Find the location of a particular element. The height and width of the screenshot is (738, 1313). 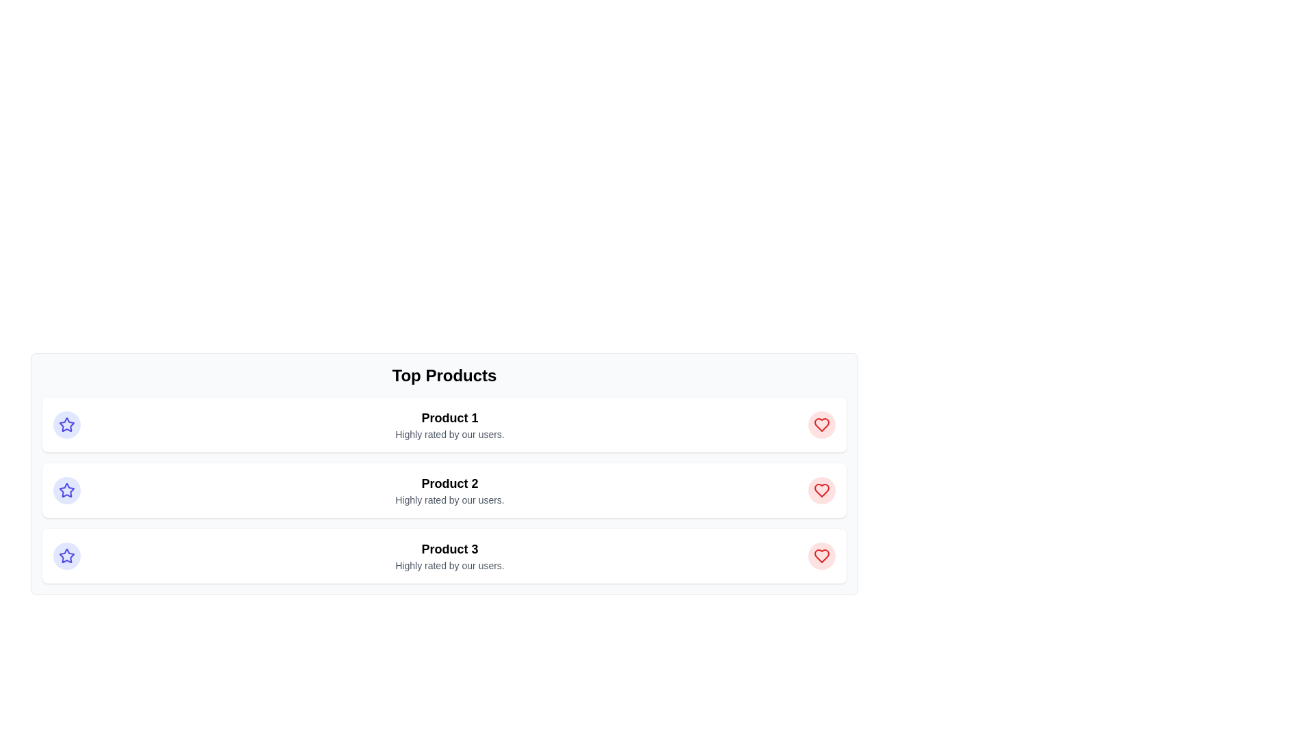

the star-shaped icon with an indigo outline located at the left end of the row labeled 'Product 1.' is located at coordinates (66, 556).